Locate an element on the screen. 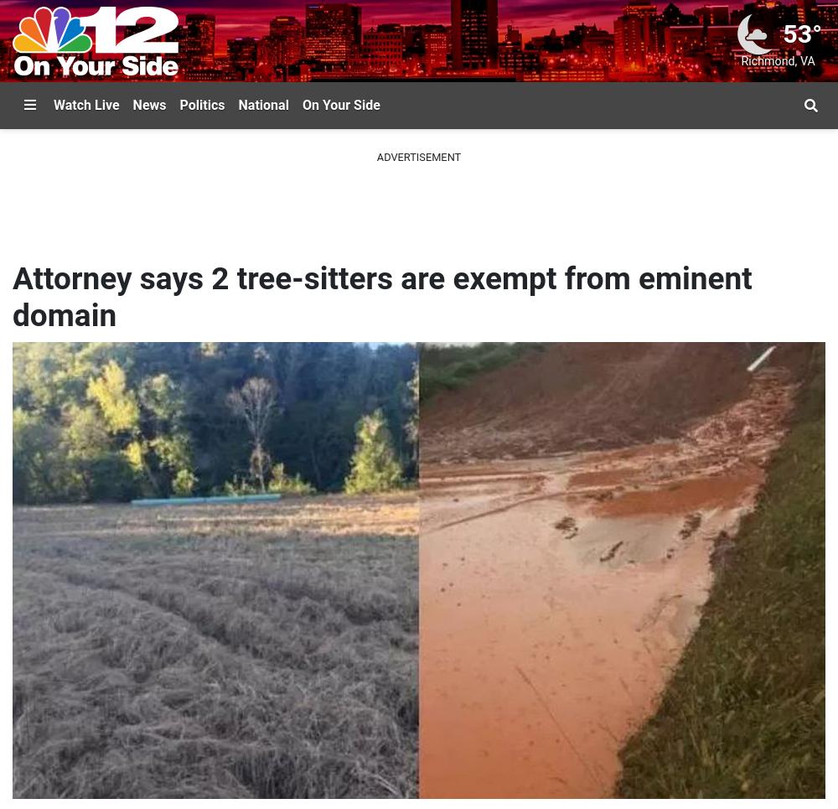  'Watch Live' is located at coordinates (85, 104).